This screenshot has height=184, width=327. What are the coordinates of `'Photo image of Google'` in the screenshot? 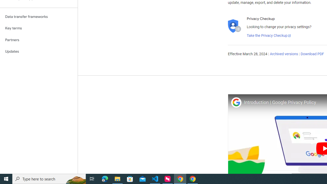 It's located at (236, 102).